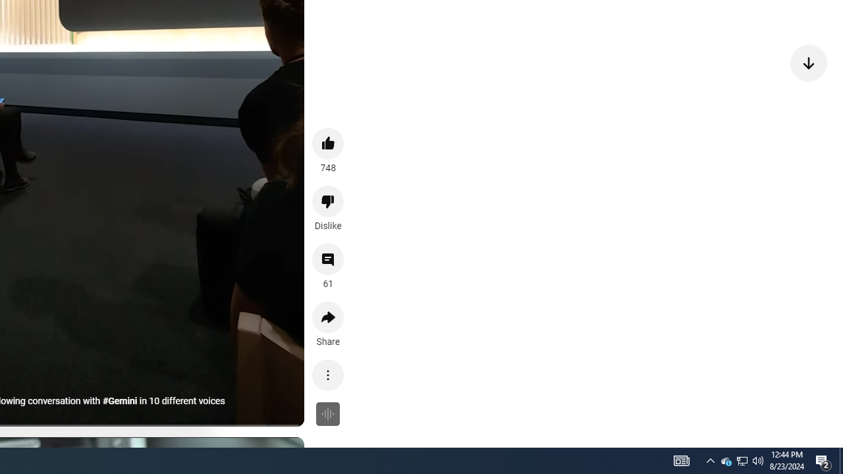  What do you see at coordinates (328, 143) in the screenshot?
I see `'like this video along with 748 other people'` at bounding box center [328, 143].